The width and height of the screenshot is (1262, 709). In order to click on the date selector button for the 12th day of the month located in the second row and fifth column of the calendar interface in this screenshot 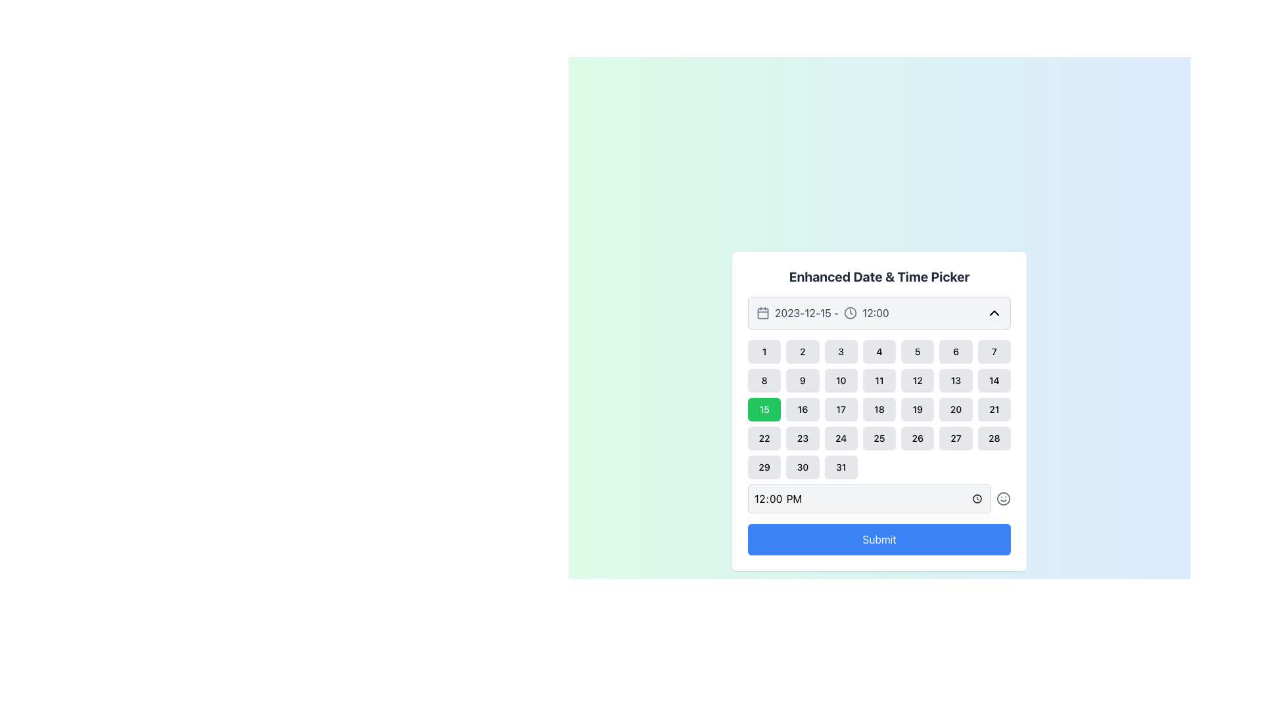, I will do `click(917, 380)`.